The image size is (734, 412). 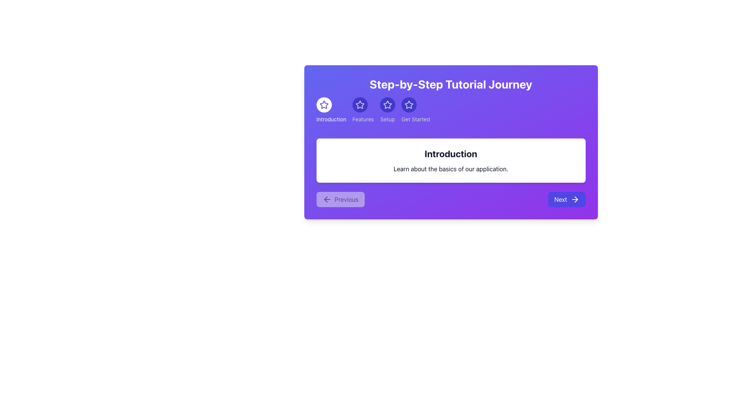 I want to click on the text element labeled 'Introduction', which is positioned below the star icon in the main content panel, so click(x=331, y=119).